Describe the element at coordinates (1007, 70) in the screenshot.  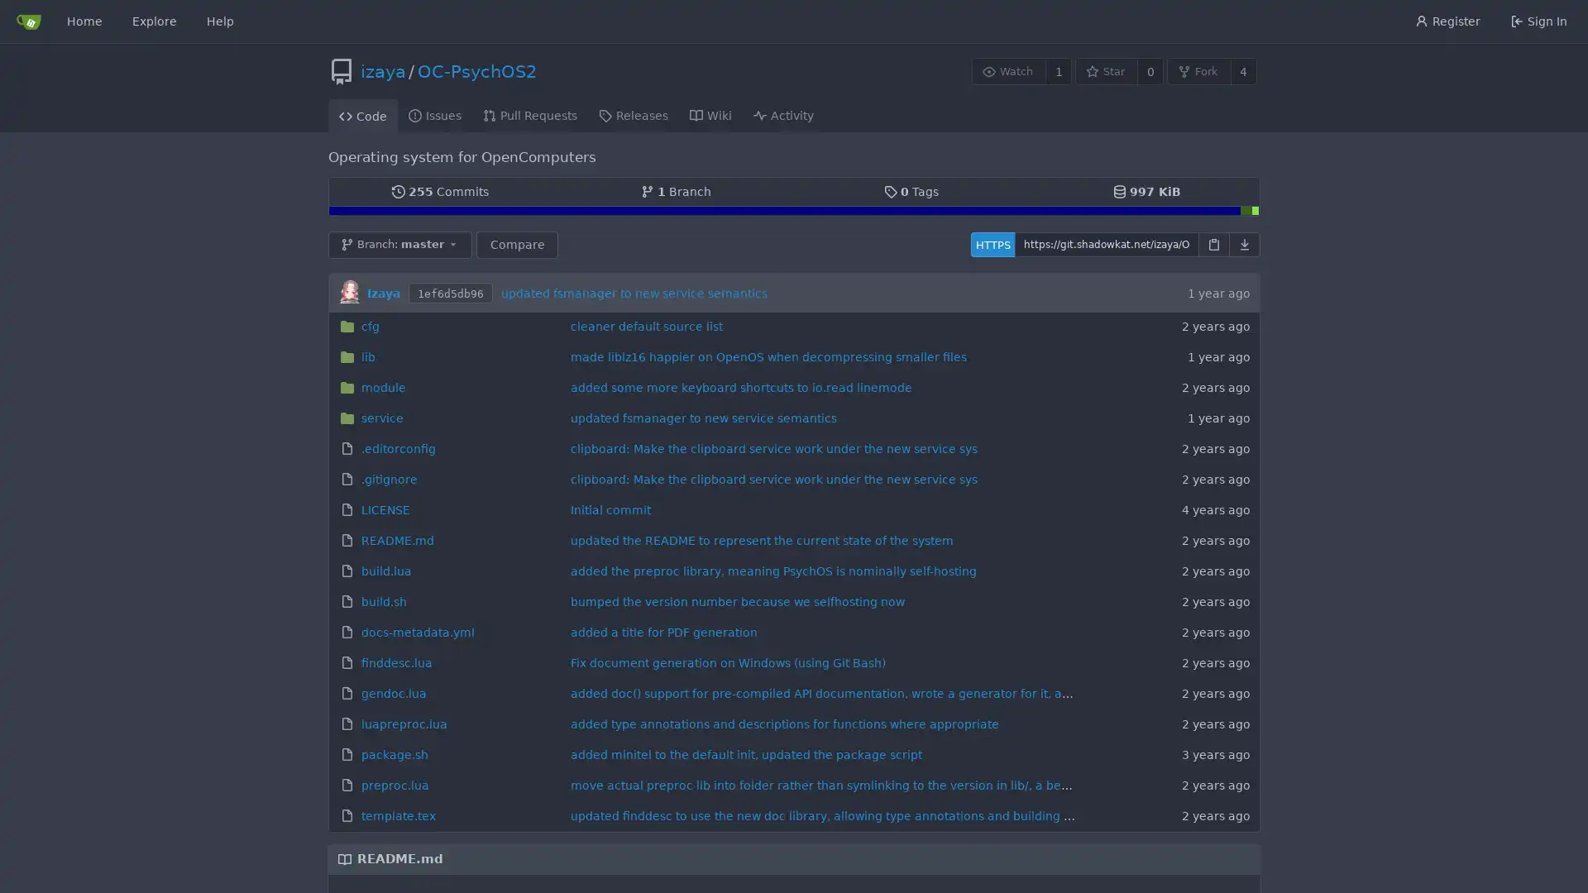
I see `Watch` at that location.